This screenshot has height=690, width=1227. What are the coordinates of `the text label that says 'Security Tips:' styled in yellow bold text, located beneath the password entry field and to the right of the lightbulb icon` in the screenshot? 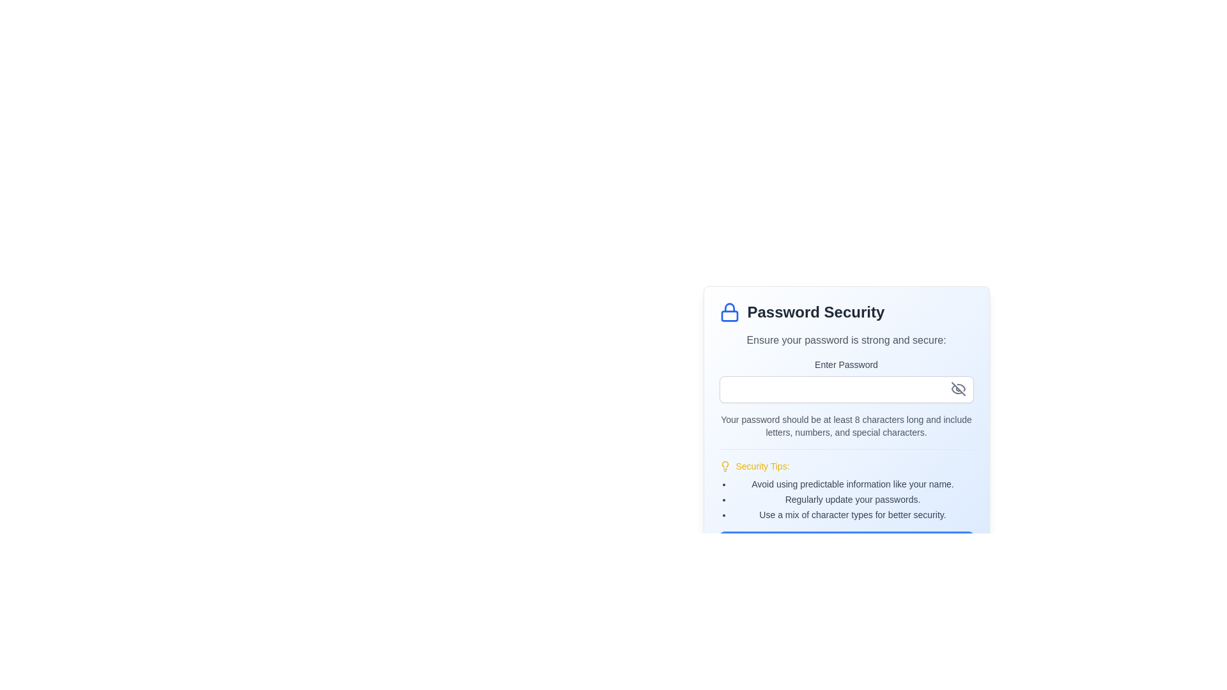 It's located at (762, 466).